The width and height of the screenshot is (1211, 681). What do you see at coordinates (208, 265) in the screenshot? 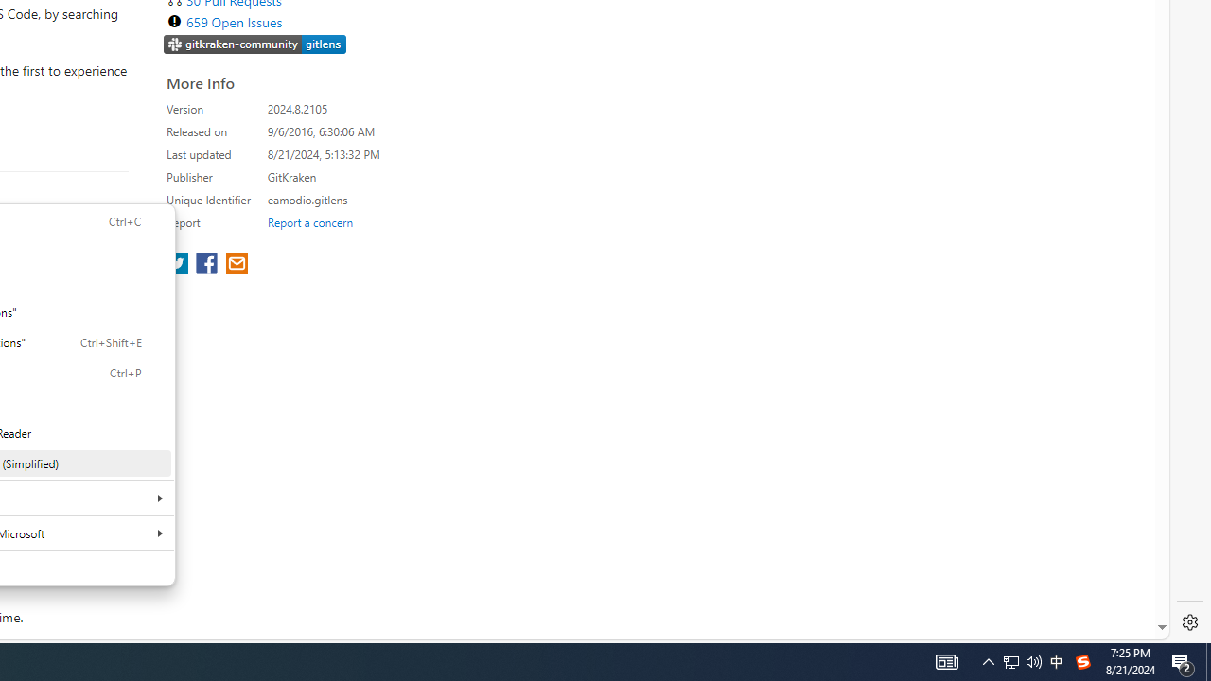
I see `'share extension on facebook'` at bounding box center [208, 265].